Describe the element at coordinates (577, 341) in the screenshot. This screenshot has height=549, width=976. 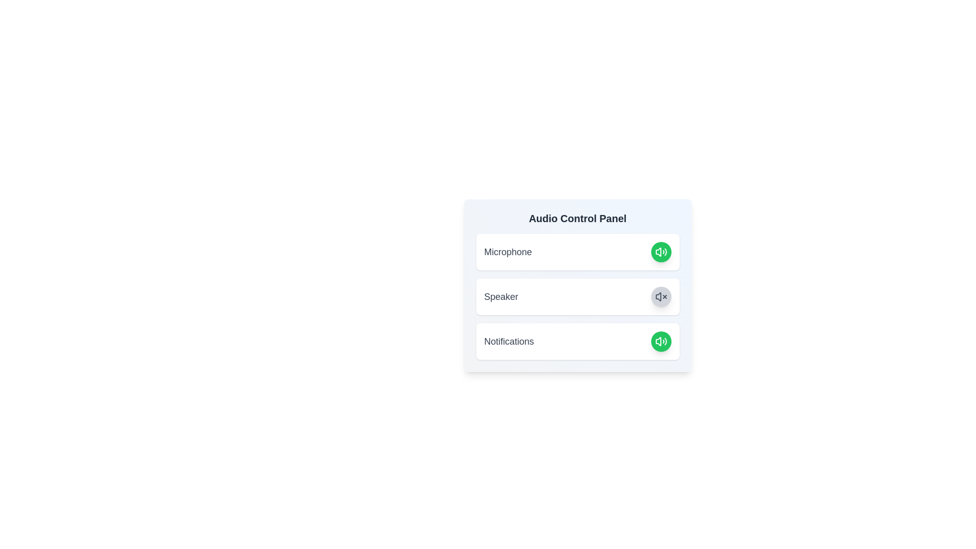
I see `the toggle button on the interactive panel for notifications, which is the third panel below the 'Microphone' and 'Speaker' panels in the 'Audio Control Panel'` at that location.